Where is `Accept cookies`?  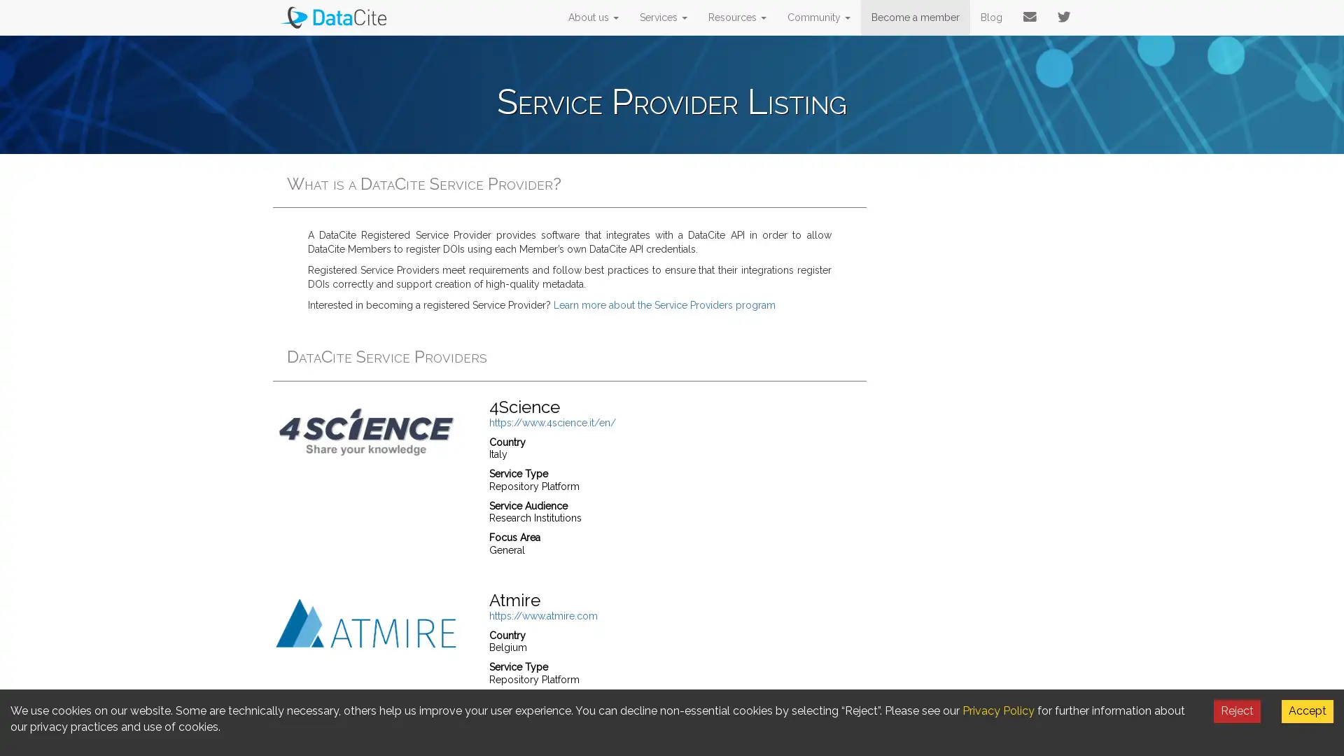
Accept cookies is located at coordinates (1306, 710).